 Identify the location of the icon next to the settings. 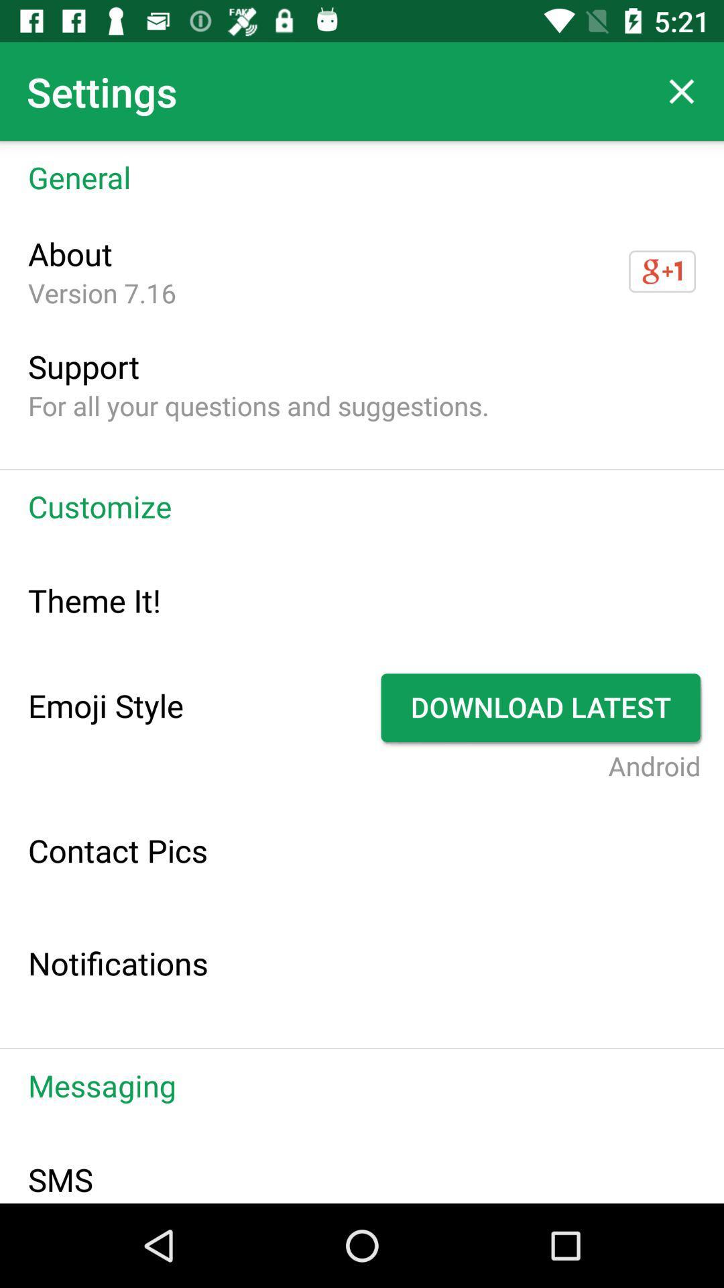
(682, 91).